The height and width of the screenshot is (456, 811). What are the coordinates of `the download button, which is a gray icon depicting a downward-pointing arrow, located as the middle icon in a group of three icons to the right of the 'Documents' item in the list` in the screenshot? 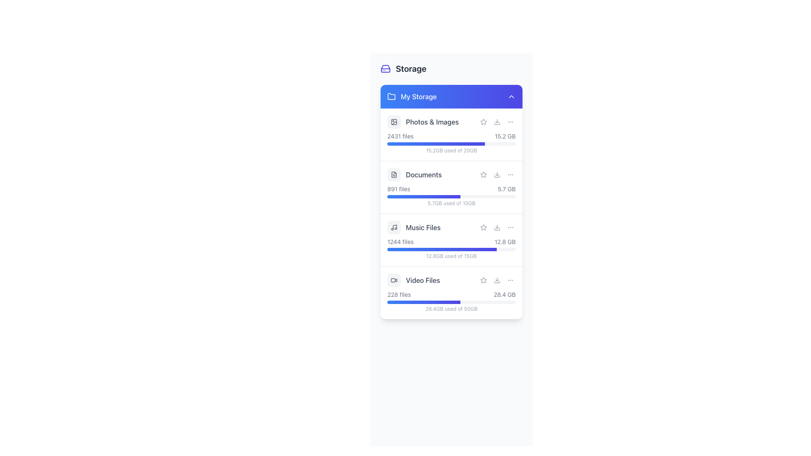 It's located at (497, 174).